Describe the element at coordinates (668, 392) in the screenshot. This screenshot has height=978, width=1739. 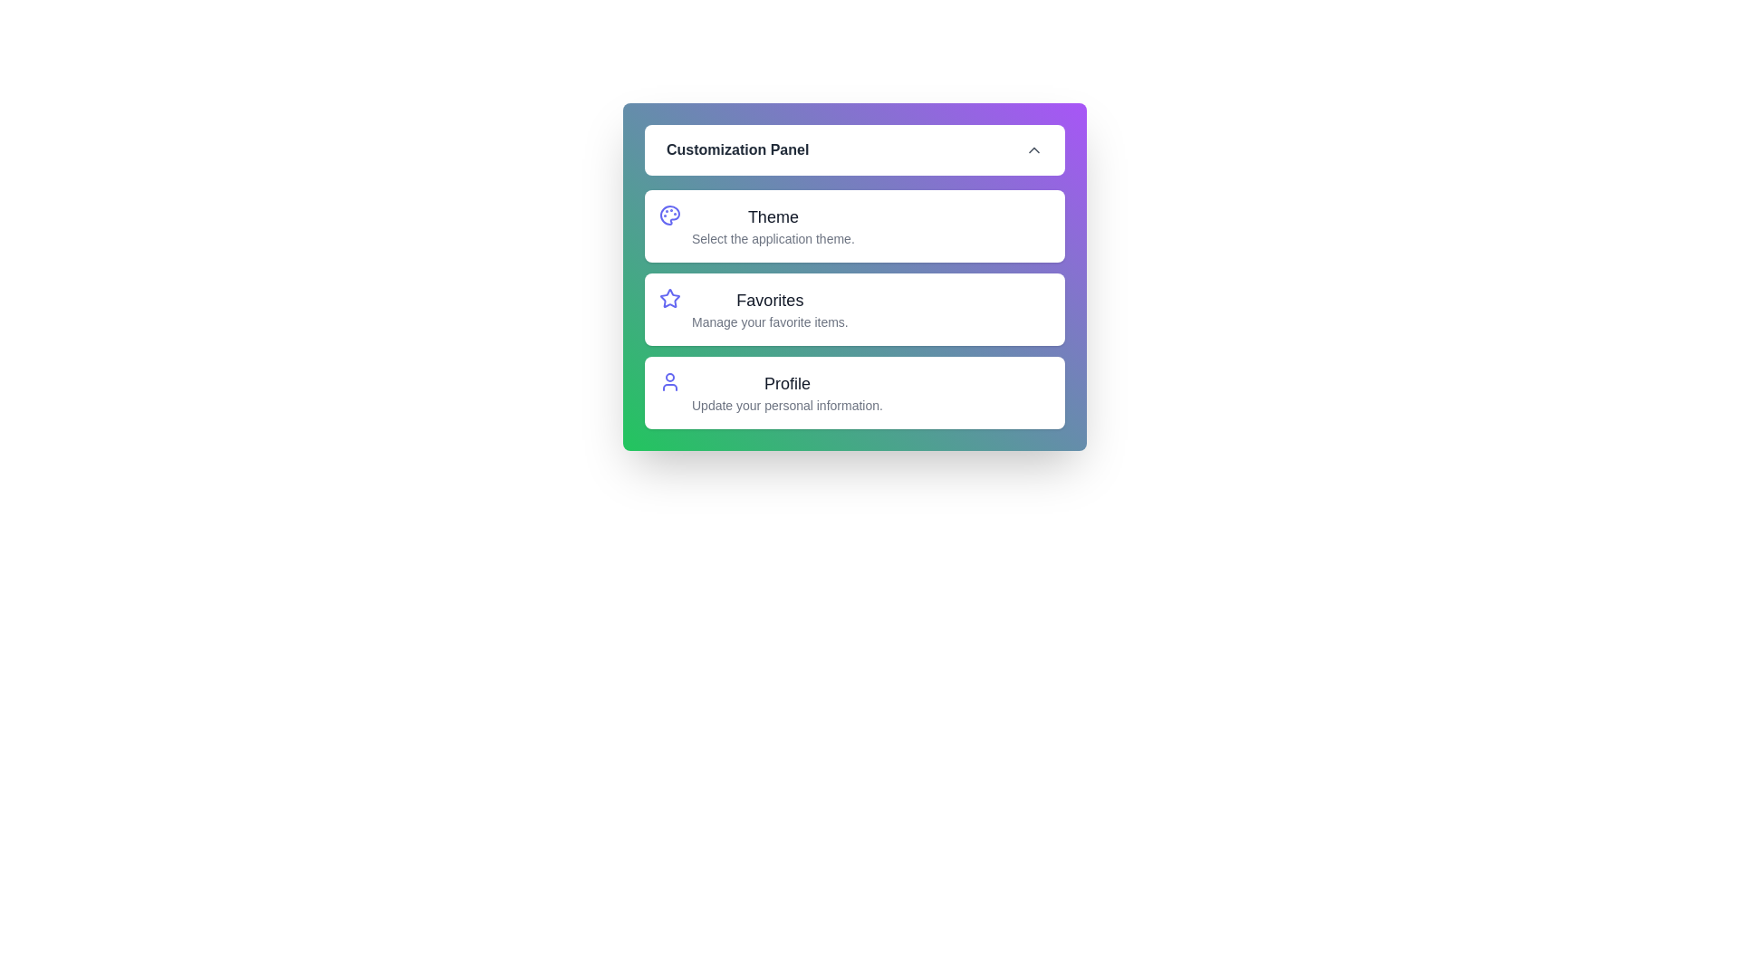
I see `the Profile option from the customization panel` at that location.